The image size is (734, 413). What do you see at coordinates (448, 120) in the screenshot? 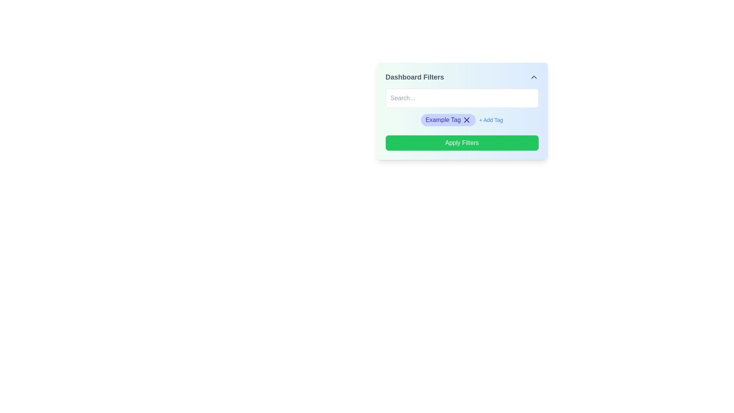
I see `the 'X' icon located immediately to the right of the 'Example Tag' label` at bounding box center [448, 120].